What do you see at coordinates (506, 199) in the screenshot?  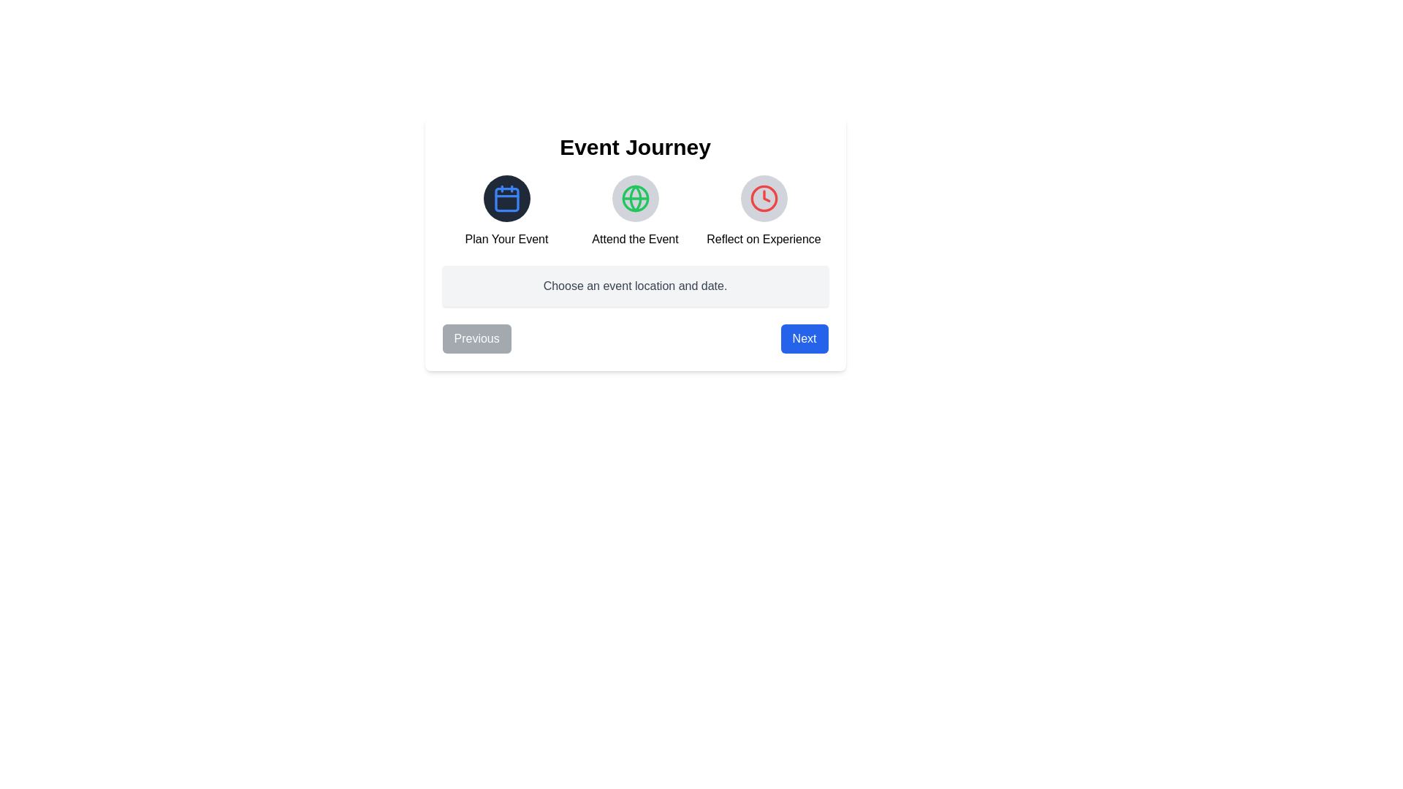 I see `the icon corresponding to Plan Your Event to view additional information` at bounding box center [506, 199].